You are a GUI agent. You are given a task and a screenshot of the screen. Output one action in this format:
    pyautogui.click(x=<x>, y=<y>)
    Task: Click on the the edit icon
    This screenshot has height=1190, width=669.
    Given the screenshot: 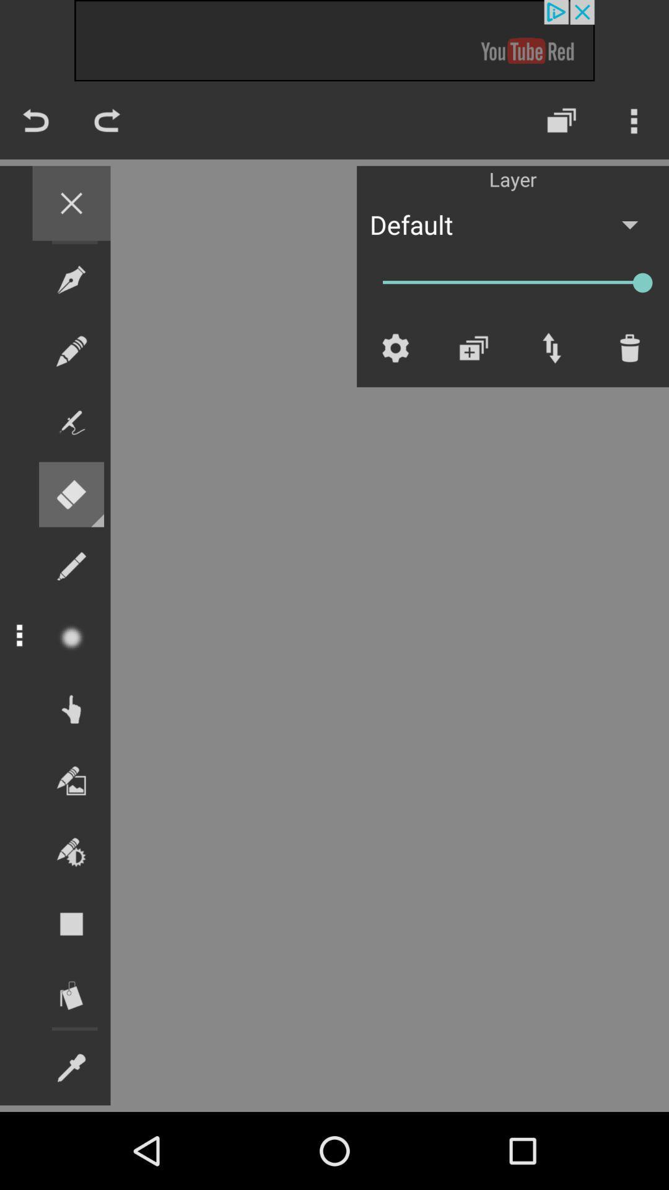 What is the action you would take?
    pyautogui.click(x=71, y=565)
    